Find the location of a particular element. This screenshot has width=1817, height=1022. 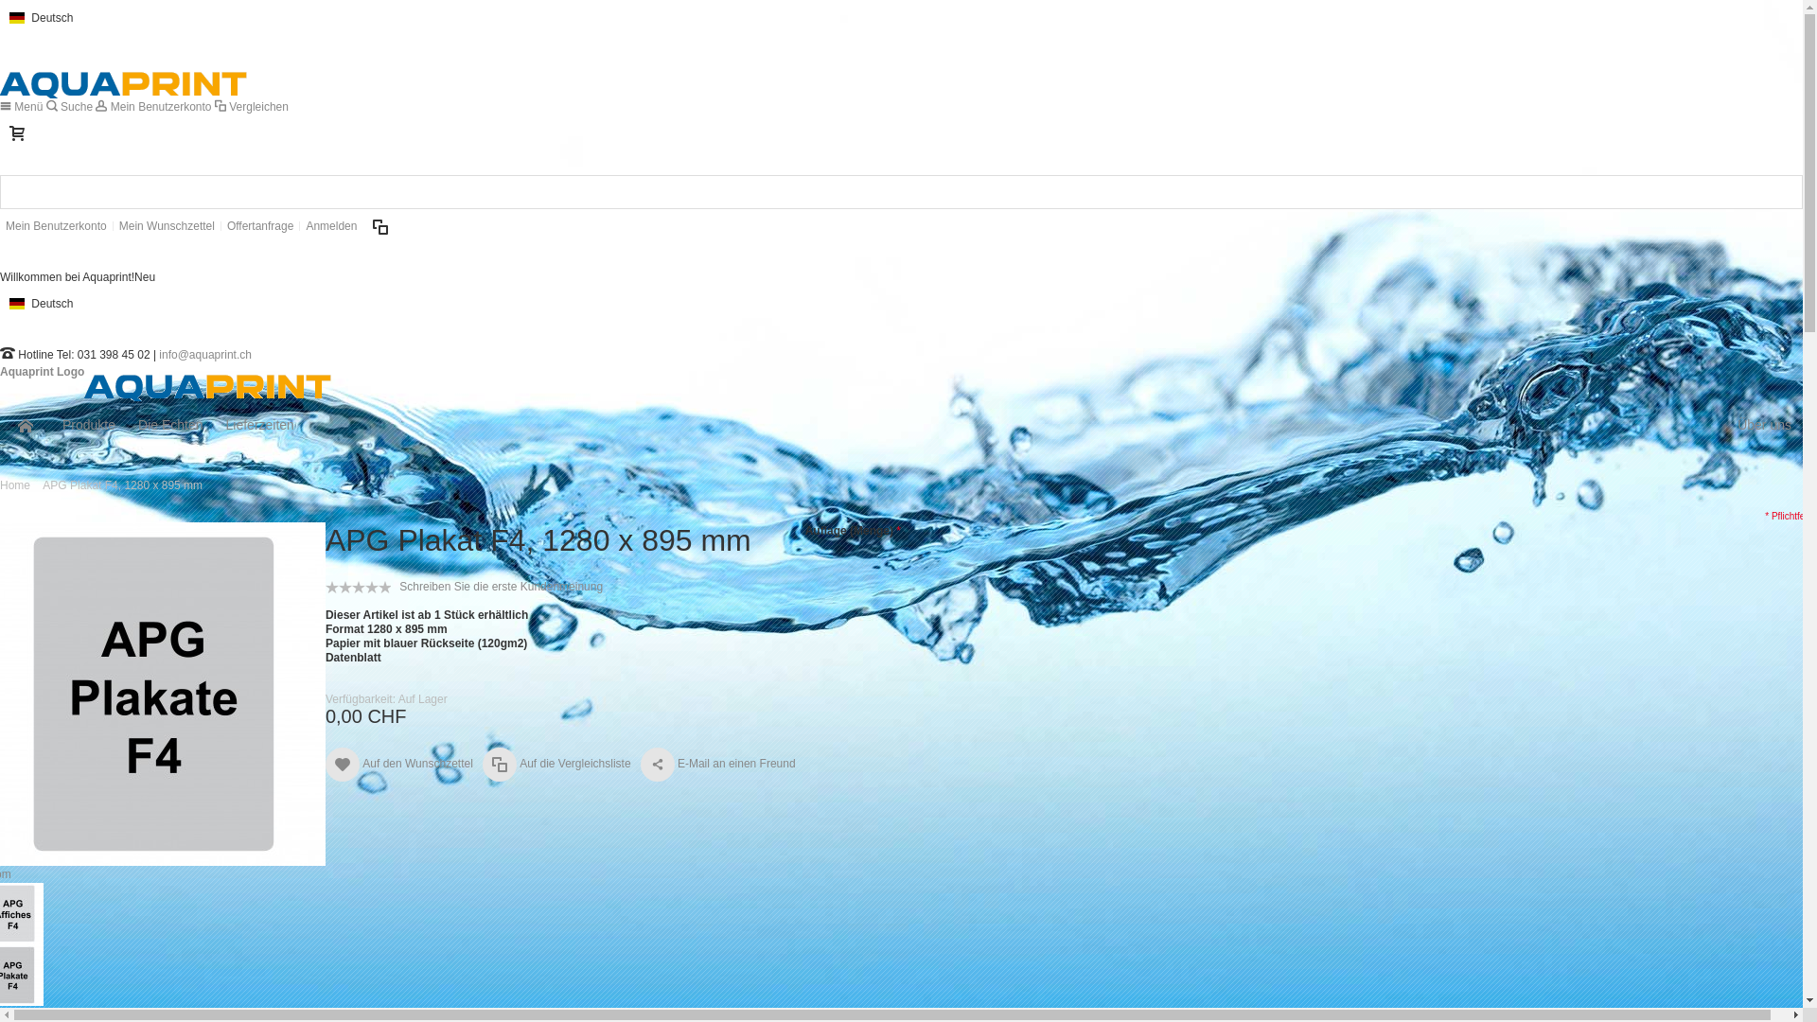

'Suche' is located at coordinates (71, 106).